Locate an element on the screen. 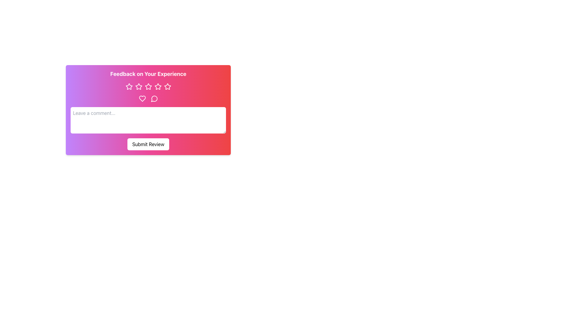 The width and height of the screenshot is (577, 324). the text input field that has the placeholder 'Leave a comment...' by using keyboard shortcuts for text interactions is located at coordinates (148, 110).